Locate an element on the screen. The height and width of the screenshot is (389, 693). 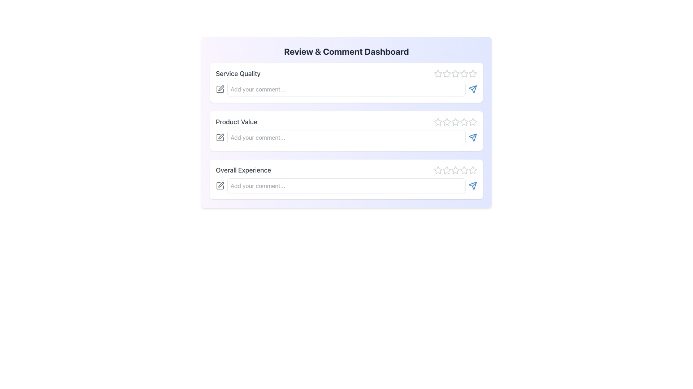
the third gray star icon in the Product Value section is located at coordinates (455, 122).